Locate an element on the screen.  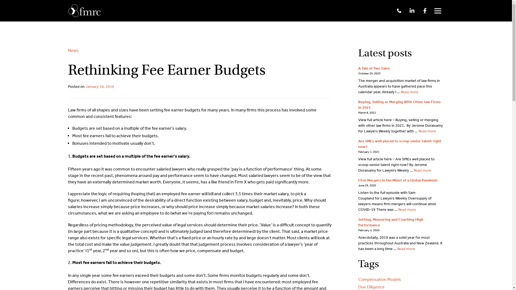
'Are SMEs well placed to scoop senior talent right now?' is located at coordinates (399, 144).